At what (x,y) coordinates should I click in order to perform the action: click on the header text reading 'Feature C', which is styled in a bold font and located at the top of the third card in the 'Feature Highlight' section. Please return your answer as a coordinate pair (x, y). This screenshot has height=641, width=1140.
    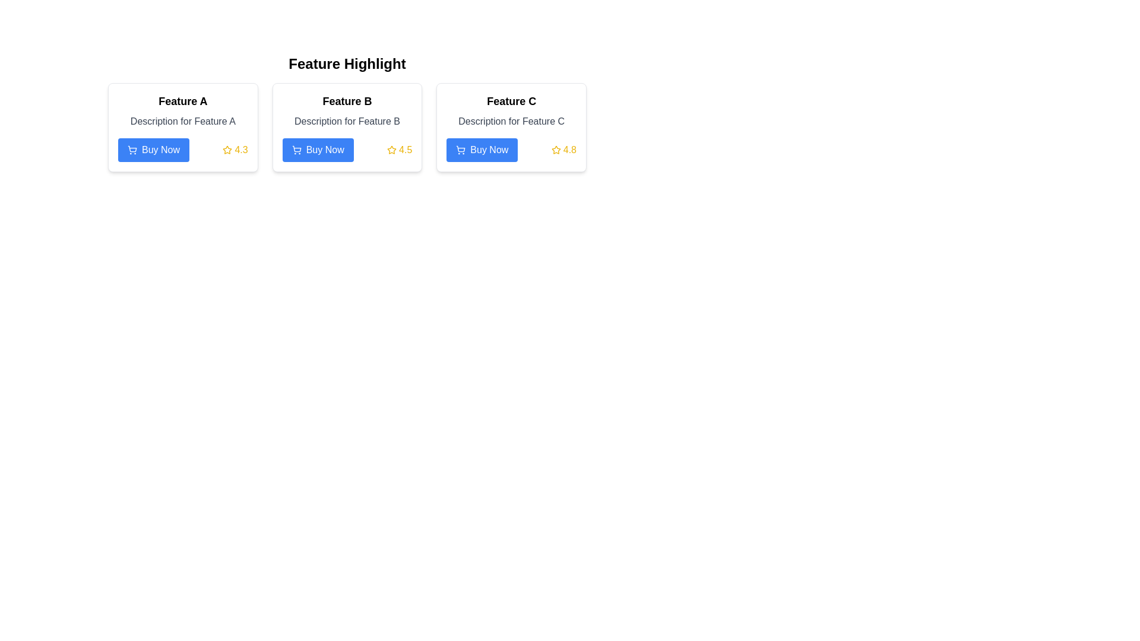
    Looking at the image, I should click on (511, 100).